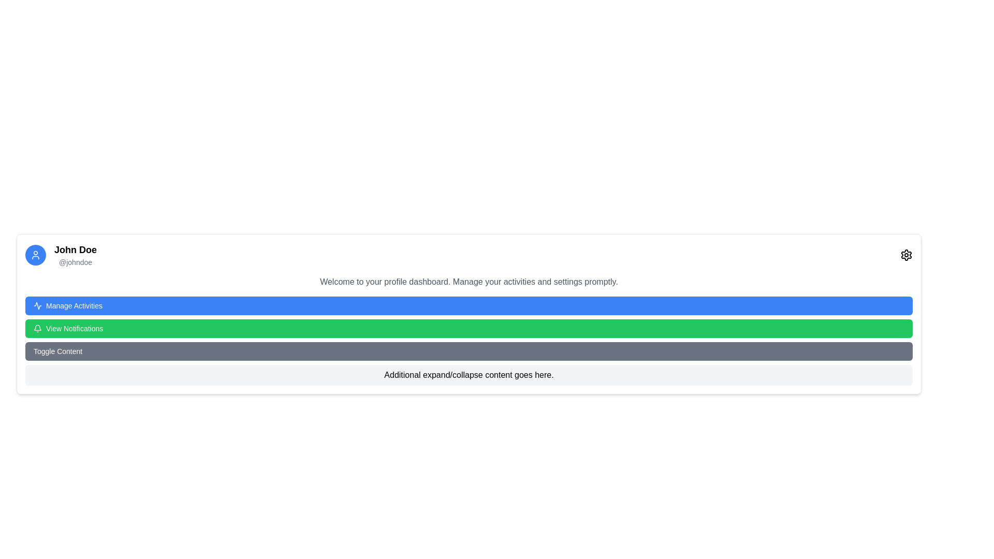 The image size is (994, 559). I want to click on the user profile icon located at the leftmost section of the profile heading next to 'John Doe' and '@johndoe', so click(35, 255).